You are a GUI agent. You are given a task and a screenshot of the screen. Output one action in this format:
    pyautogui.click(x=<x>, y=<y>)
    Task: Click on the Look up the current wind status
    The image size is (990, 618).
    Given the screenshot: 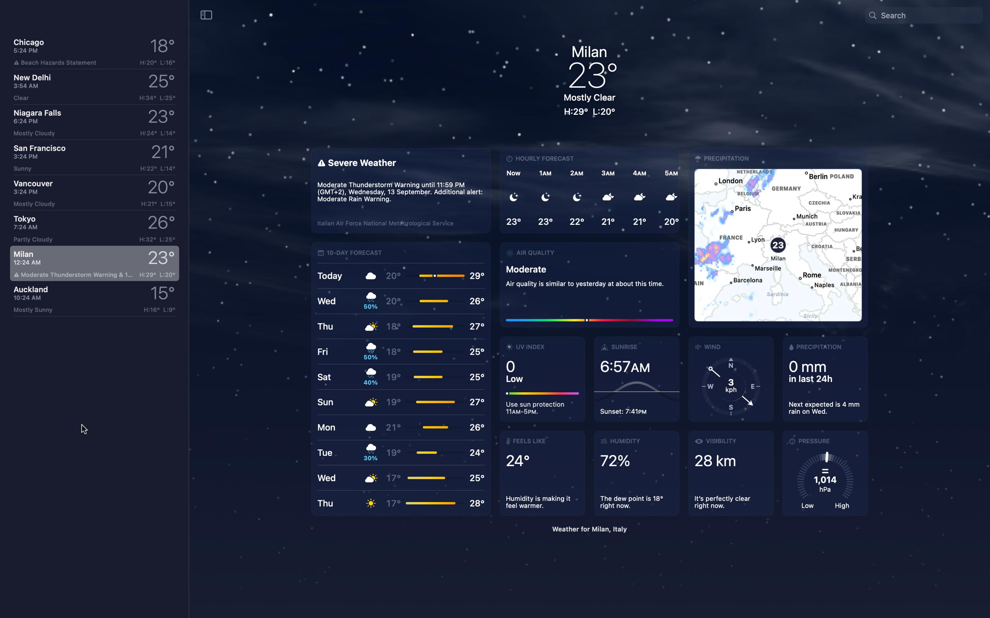 What is the action you would take?
    pyautogui.click(x=730, y=378)
    